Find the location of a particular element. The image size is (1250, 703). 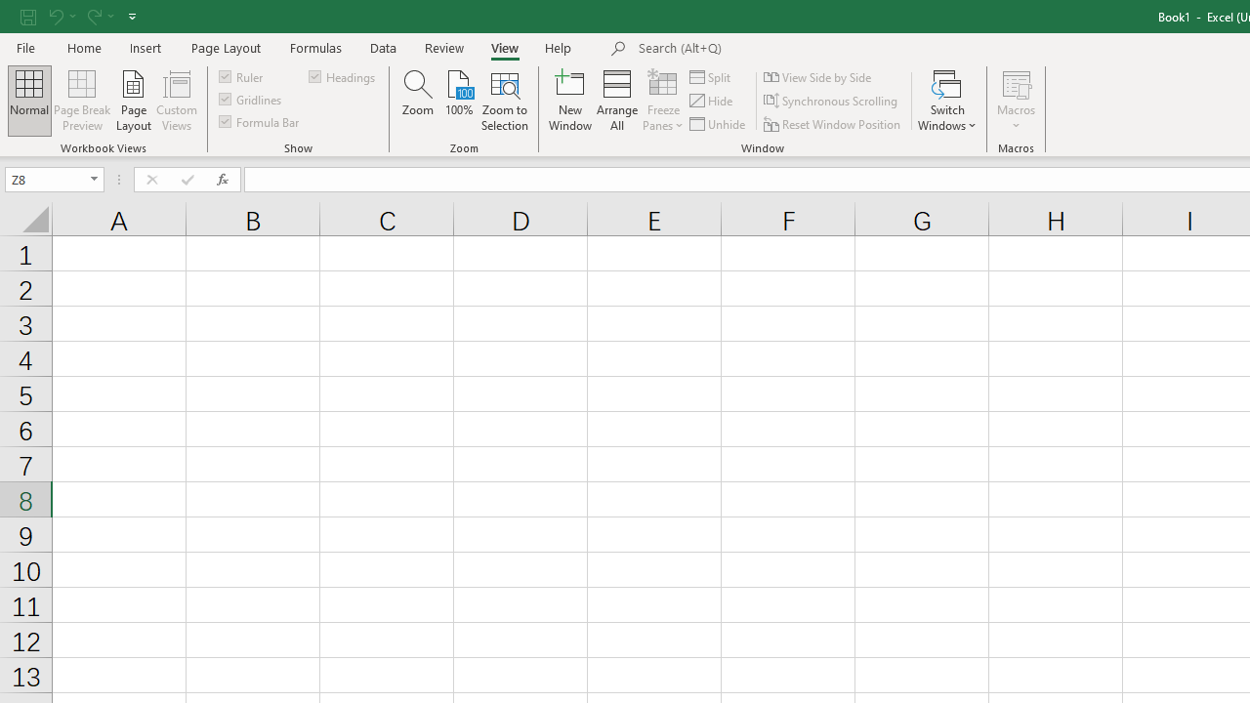

'Arrange All' is located at coordinates (616, 101).